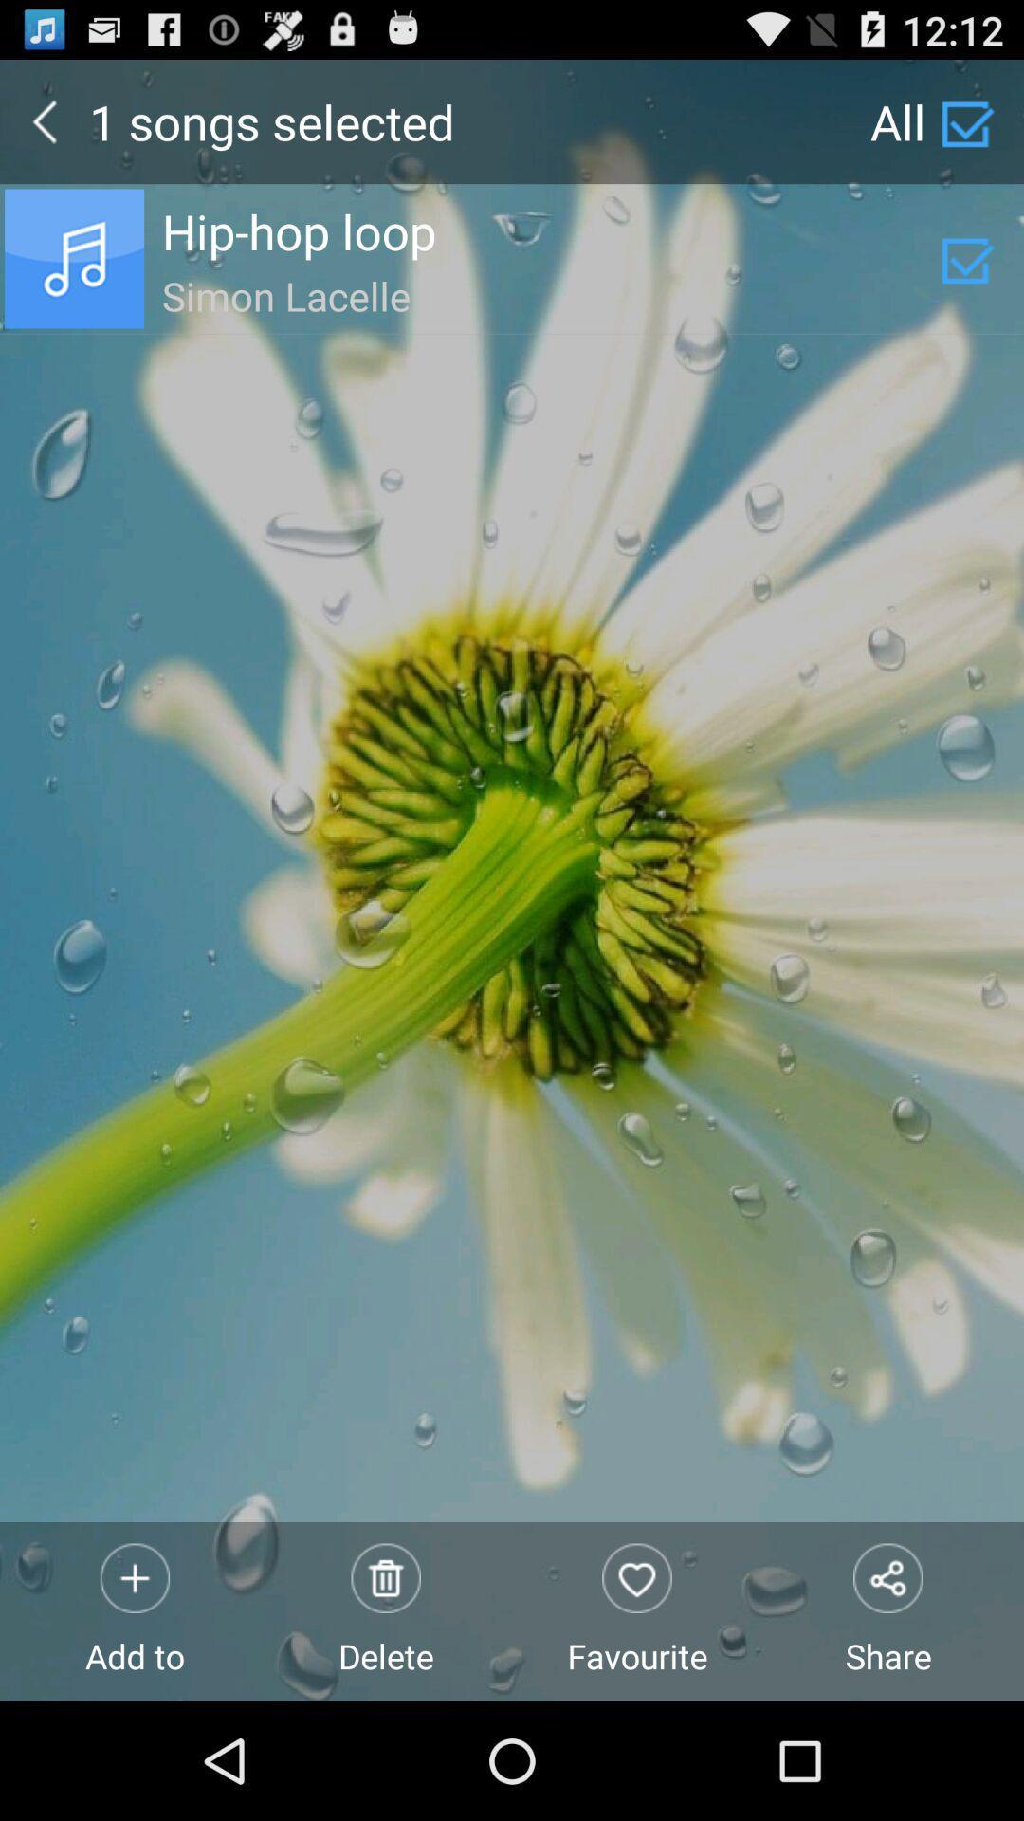 The height and width of the screenshot is (1821, 1024). Describe the element at coordinates (888, 1610) in the screenshot. I see `share item` at that location.